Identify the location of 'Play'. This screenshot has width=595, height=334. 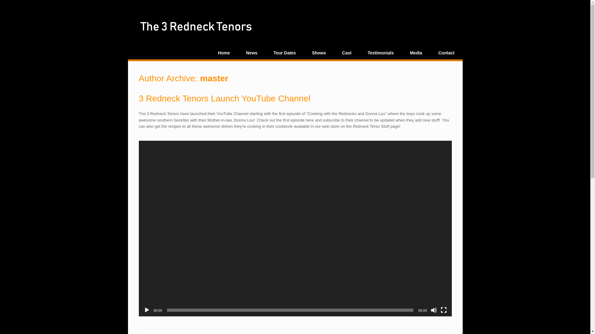
(143, 310).